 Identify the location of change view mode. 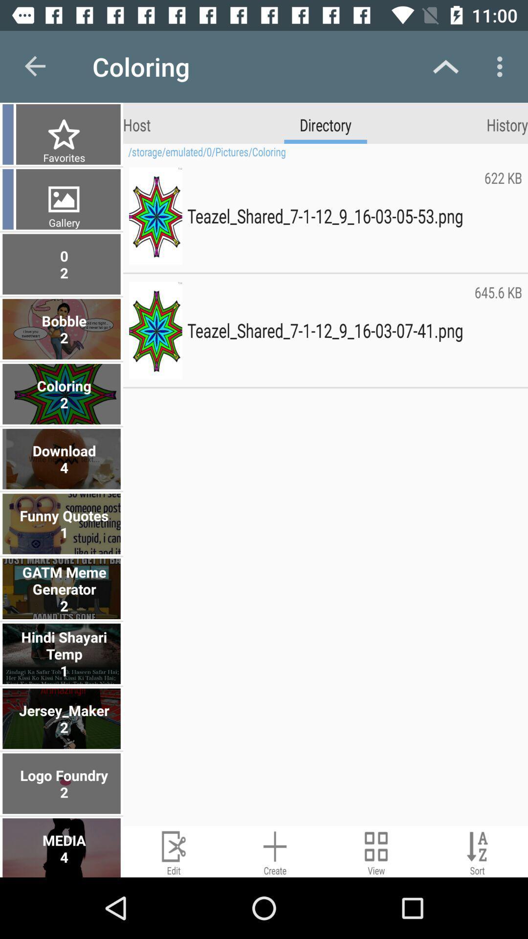
(375, 851).